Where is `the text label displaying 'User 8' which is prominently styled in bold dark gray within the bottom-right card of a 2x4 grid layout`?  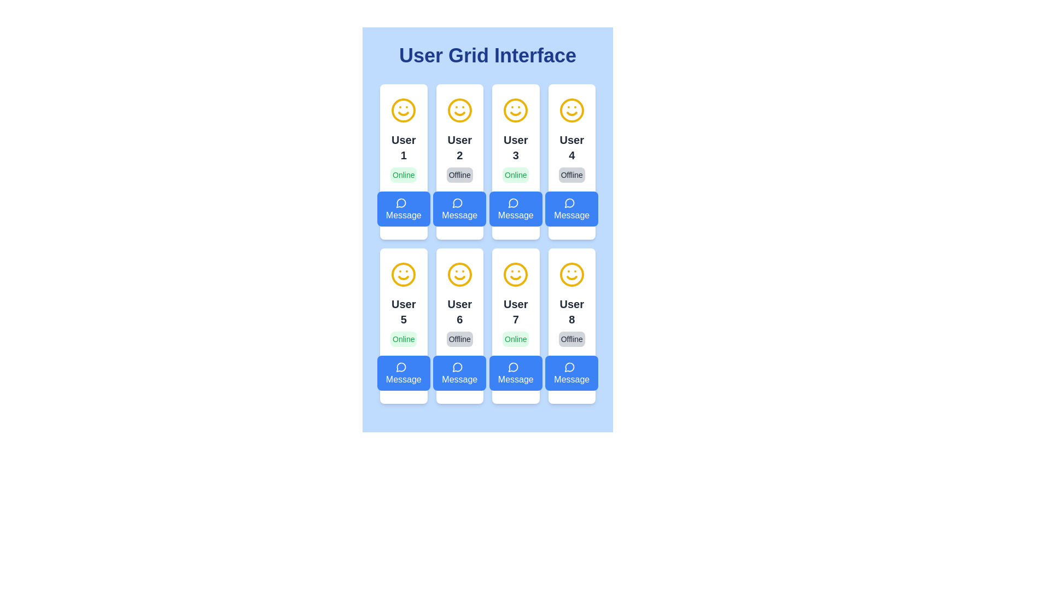
the text label displaying 'User 8' which is prominently styled in bold dark gray within the bottom-right card of a 2x4 grid layout is located at coordinates (571, 312).